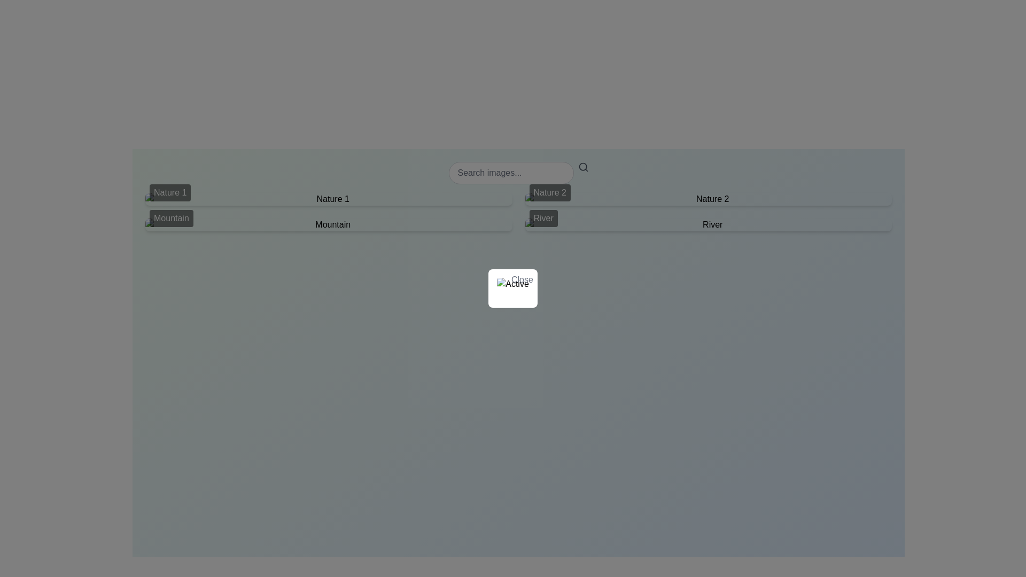  I want to click on the close button, so click(522, 279).